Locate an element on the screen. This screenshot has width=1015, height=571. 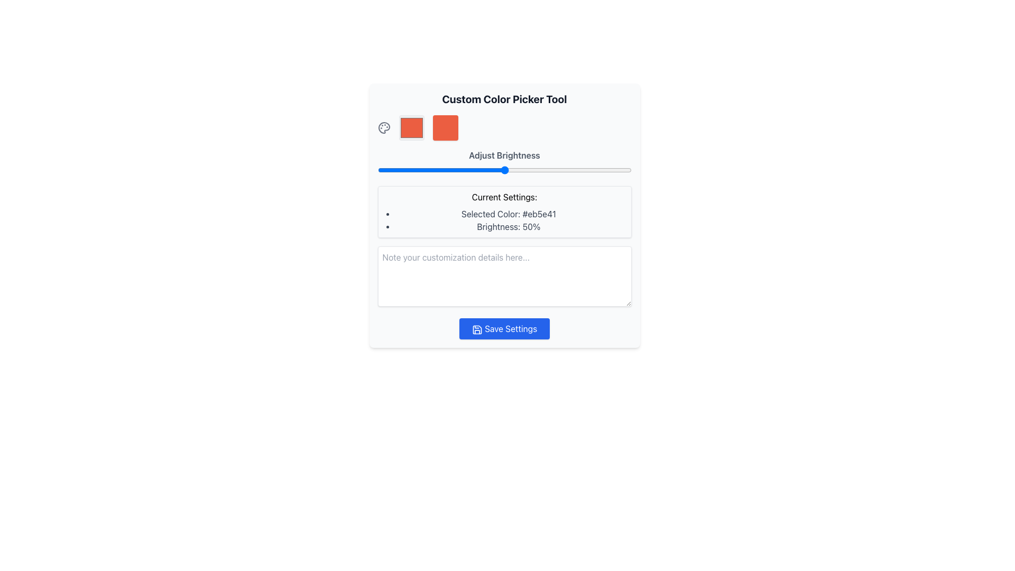
brightness is located at coordinates (444, 169).